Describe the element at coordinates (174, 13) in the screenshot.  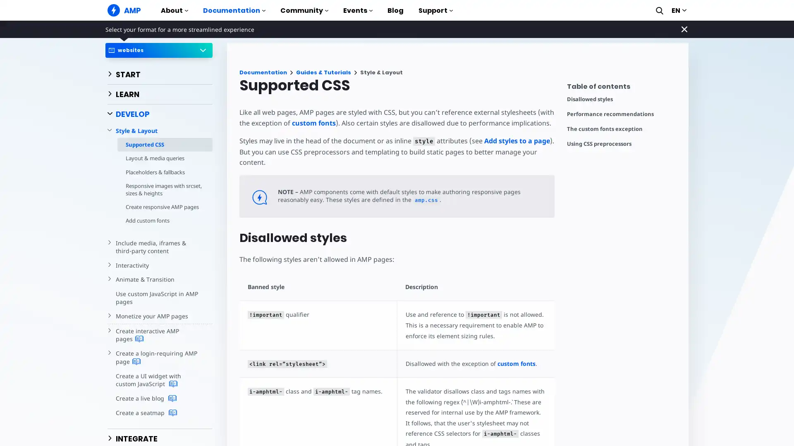
I see `About` at that location.